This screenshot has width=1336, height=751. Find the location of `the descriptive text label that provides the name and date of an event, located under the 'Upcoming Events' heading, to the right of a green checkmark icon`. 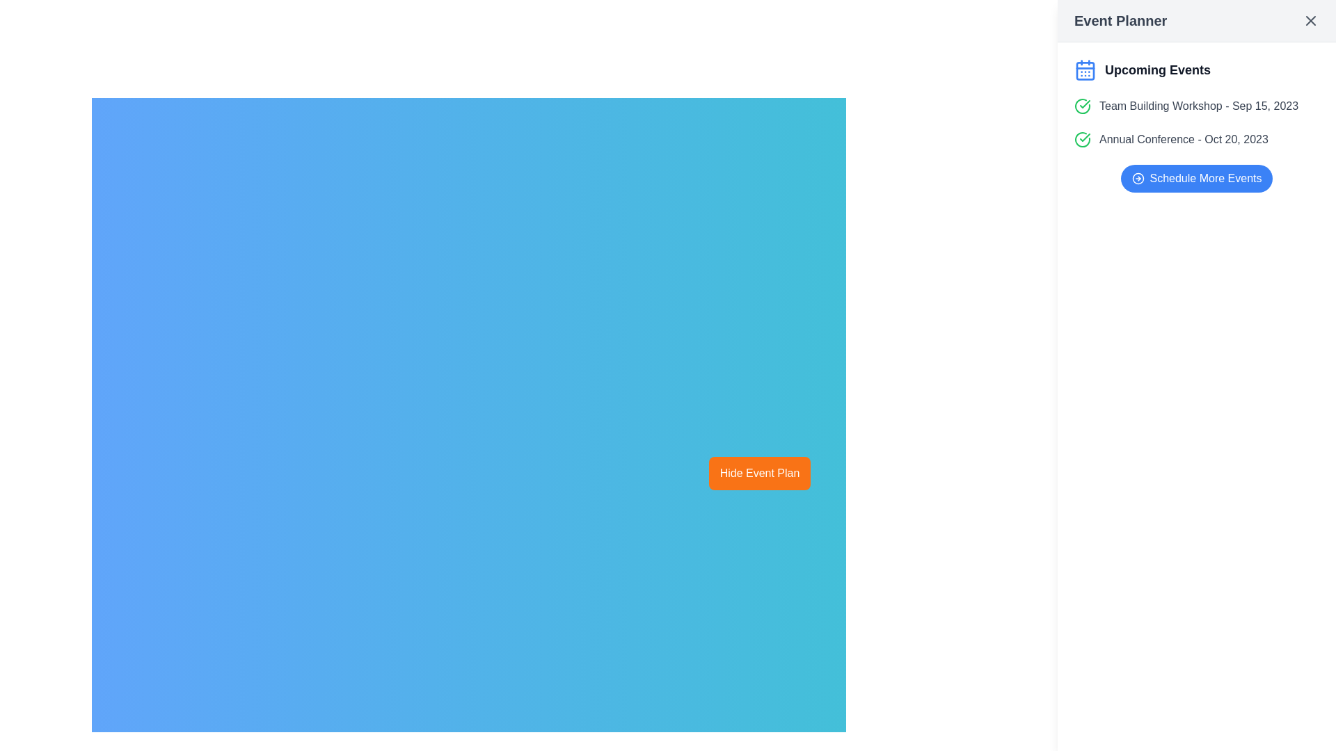

the descriptive text label that provides the name and date of an event, located under the 'Upcoming Events' heading, to the right of a green checkmark icon is located at coordinates (1198, 106).